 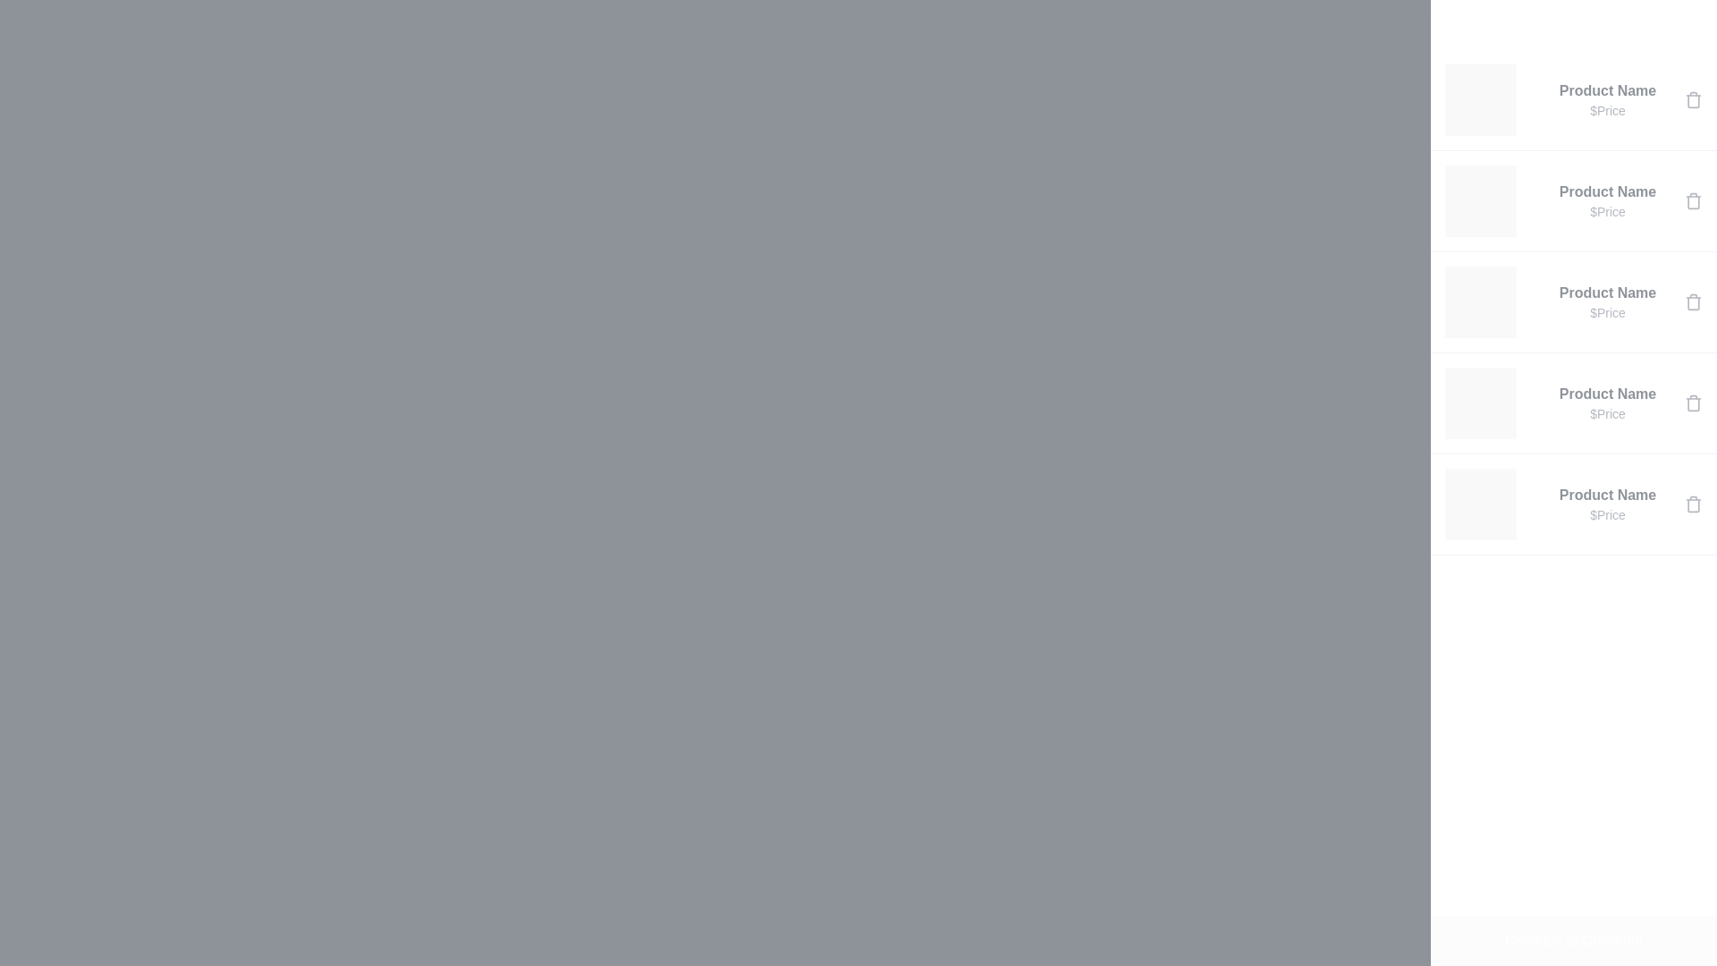 What do you see at coordinates (1693, 403) in the screenshot?
I see `the middle vertical line of the trash can icon, which signifies delete functionality, located in the rightmost part of the row containing 'Product Name' and price information at the fourth position in the list of items` at bounding box center [1693, 403].